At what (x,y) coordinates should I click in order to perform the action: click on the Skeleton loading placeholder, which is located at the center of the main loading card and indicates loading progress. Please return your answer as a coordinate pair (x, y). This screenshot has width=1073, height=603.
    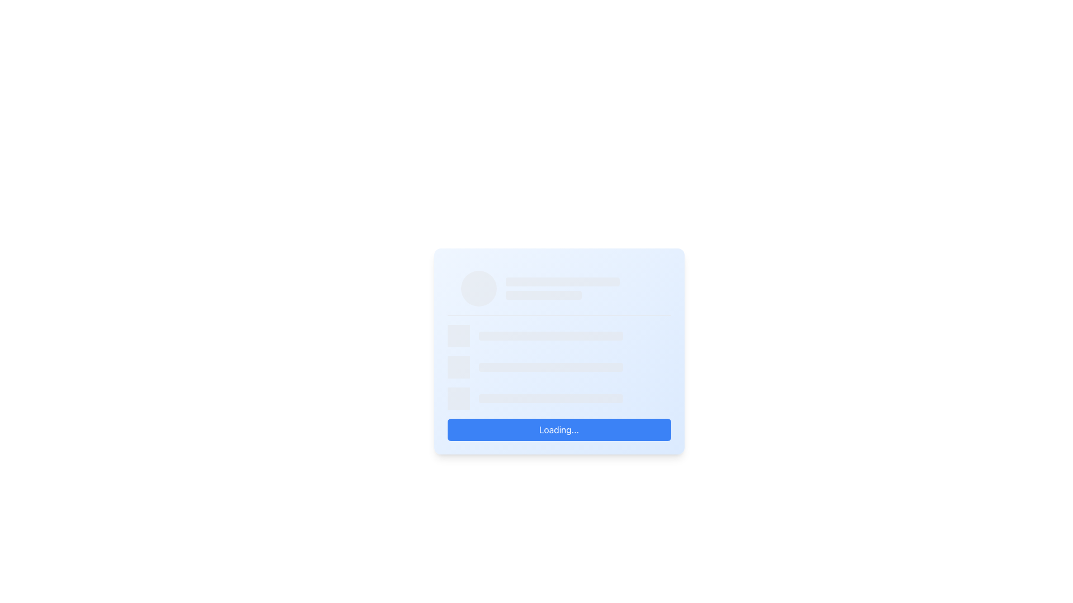
    Looking at the image, I should click on (550, 367).